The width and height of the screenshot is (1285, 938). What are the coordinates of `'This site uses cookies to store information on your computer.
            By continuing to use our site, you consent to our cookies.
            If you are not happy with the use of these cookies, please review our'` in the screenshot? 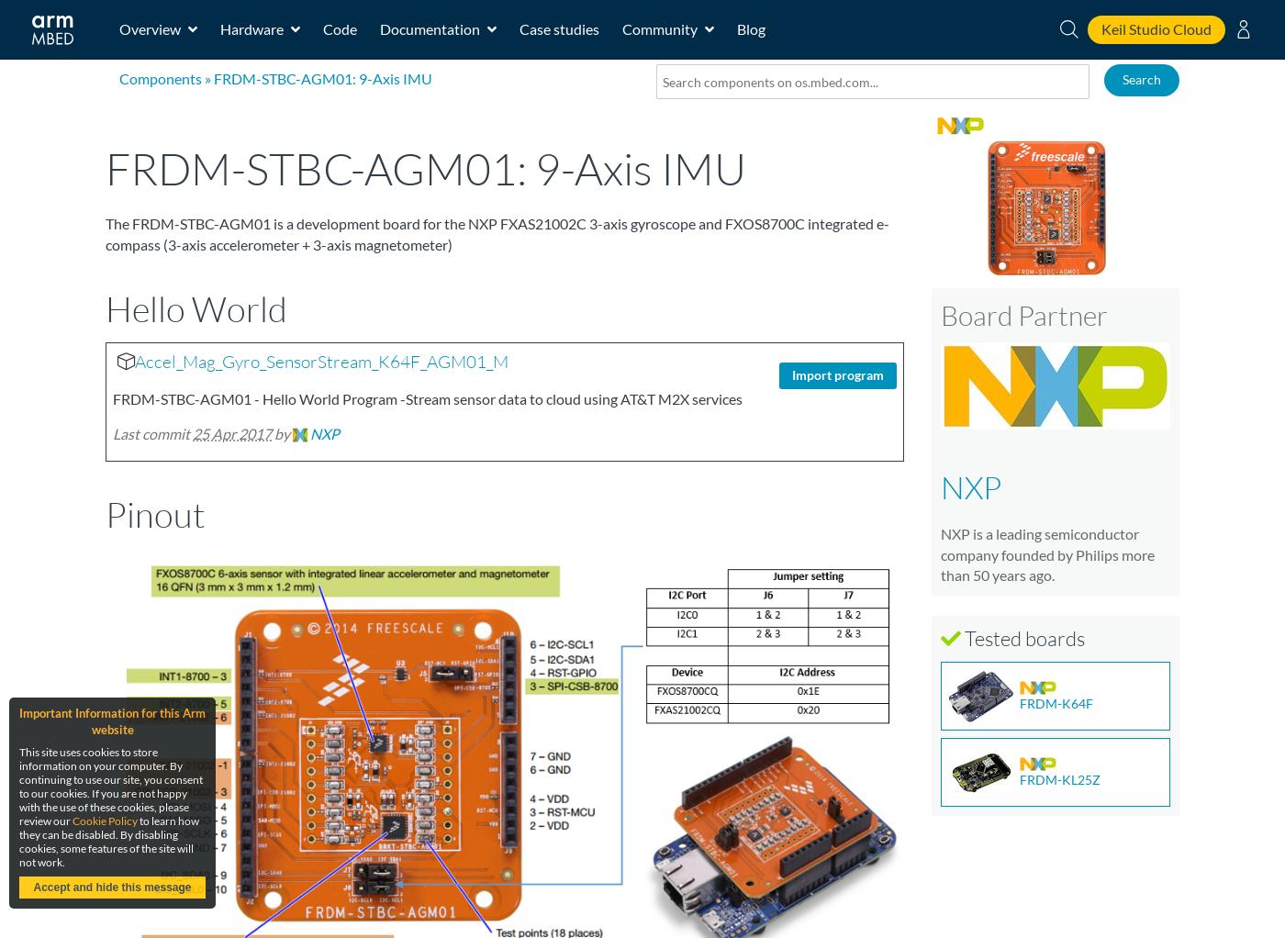 It's located at (110, 787).